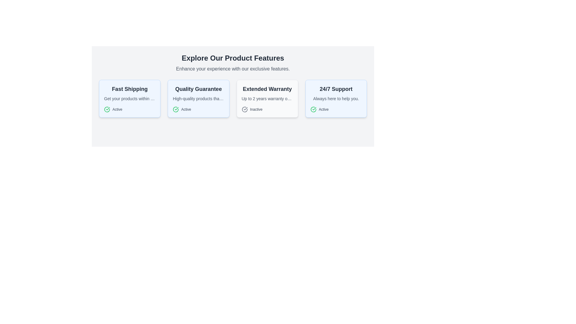  What do you see at coordinates (336, 89) in the screenshot?
I see `the '24/7 Support' text label, which is styled in bold font and located within the blue-bordered card at the bottom-right of the feature cards grid` at bounding box center [336, 89].